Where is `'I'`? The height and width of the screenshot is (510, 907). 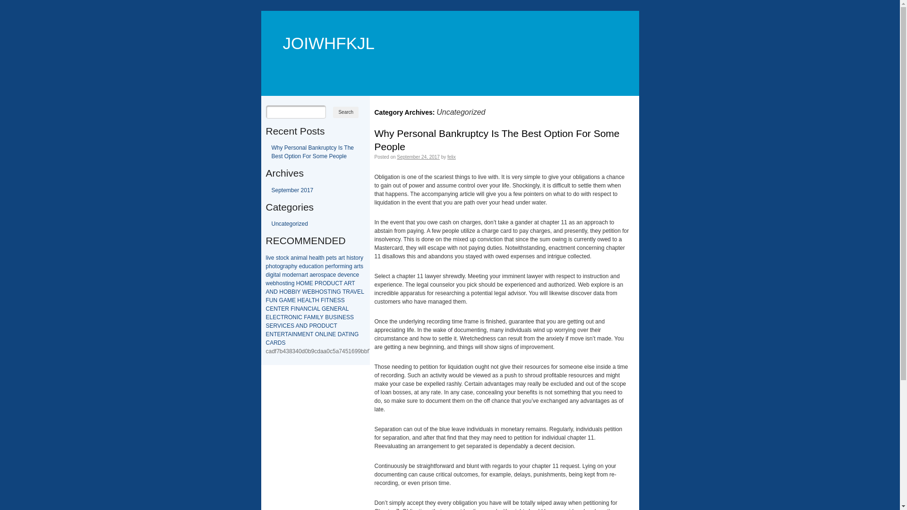
'I' is located at coordinates (327, 334).